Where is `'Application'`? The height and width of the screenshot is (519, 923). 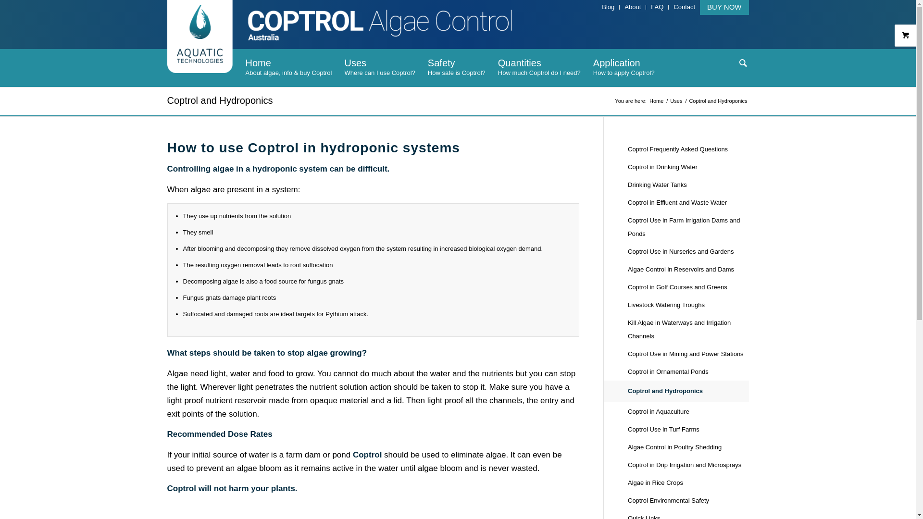 'Application' is located at coordinates (624, 67).